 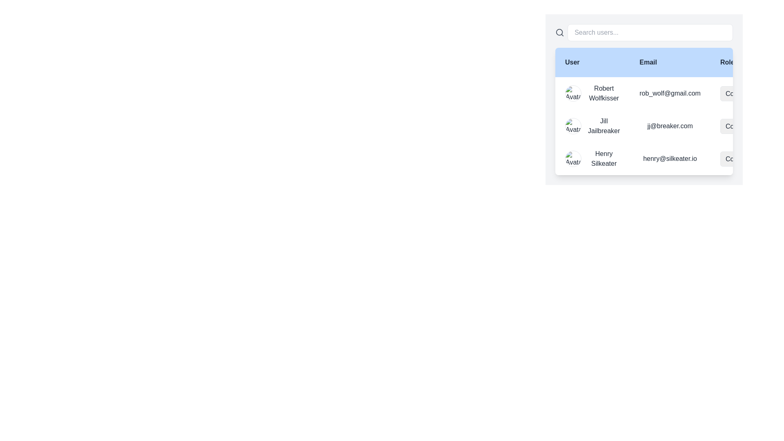 I want to click on the text label displaying 'Jill Jailbreaker', which is the second entry in the user list aligned to the right of the avatar image, so click(x=604, y=126).